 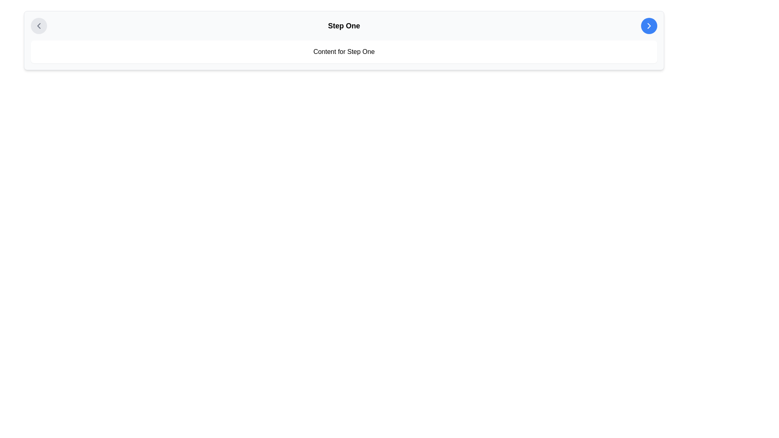 I want to click on the circular navigation icon located at the top left corner of the header section, which serves the purpose of going back to a previous page, so click(x=39, y=26).